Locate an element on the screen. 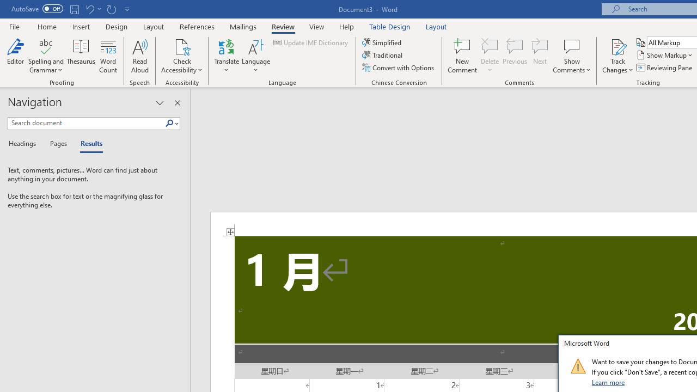 Image resolution: width=697 pixels, height=392 pixels. 'Show Markup' is located at coordinates (665, 55).